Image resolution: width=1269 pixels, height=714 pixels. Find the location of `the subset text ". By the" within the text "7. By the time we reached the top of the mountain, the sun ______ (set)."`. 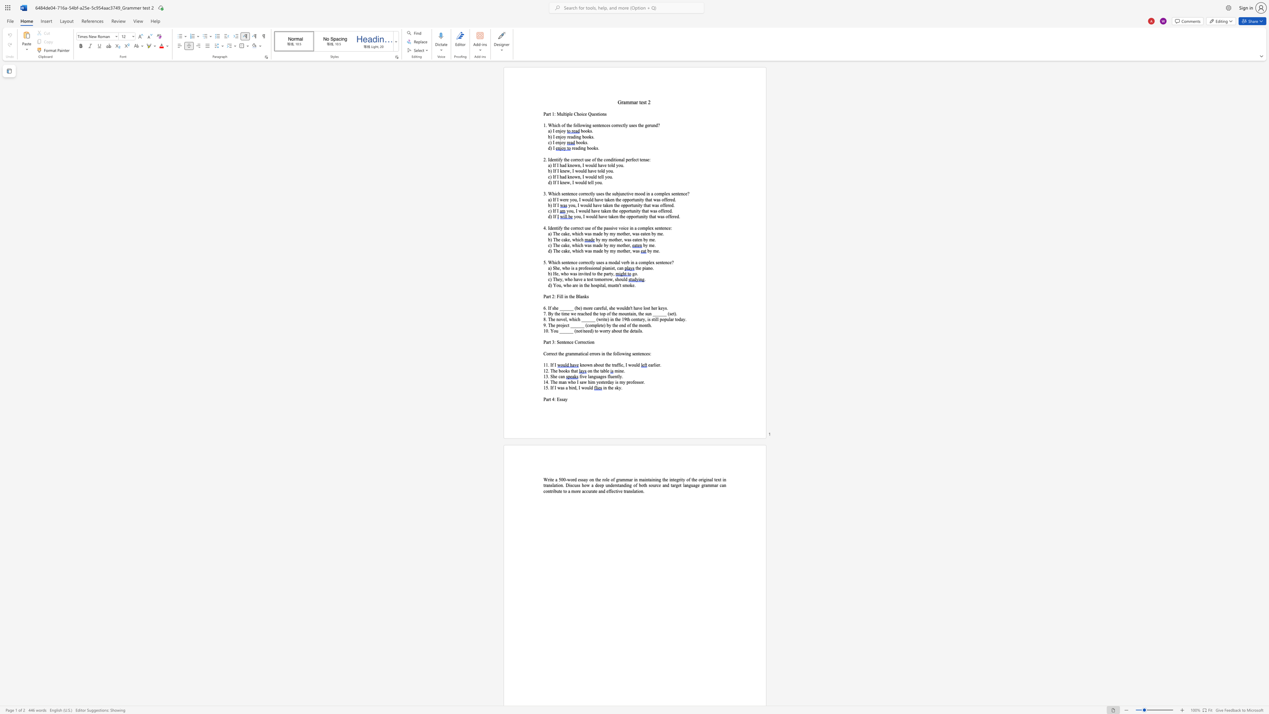

the subset text ". By the" within the text "7. By the time we reached the top of the mountain, the sun ______ (set)." is located at coordinates (545, 313).